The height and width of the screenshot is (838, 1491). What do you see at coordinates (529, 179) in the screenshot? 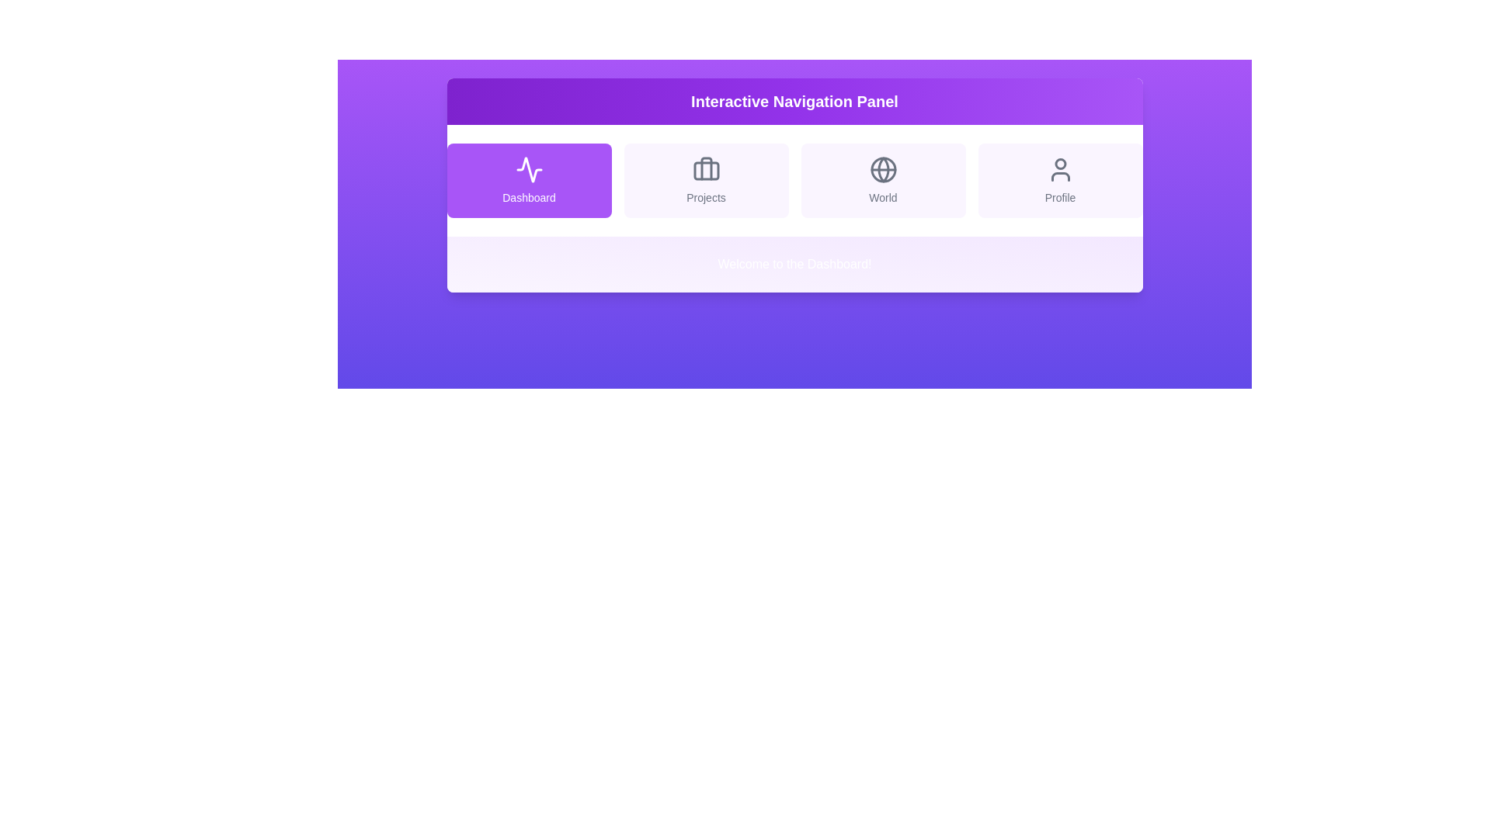
I see `the leftmost navigation button` at bounding box center [529, 179].